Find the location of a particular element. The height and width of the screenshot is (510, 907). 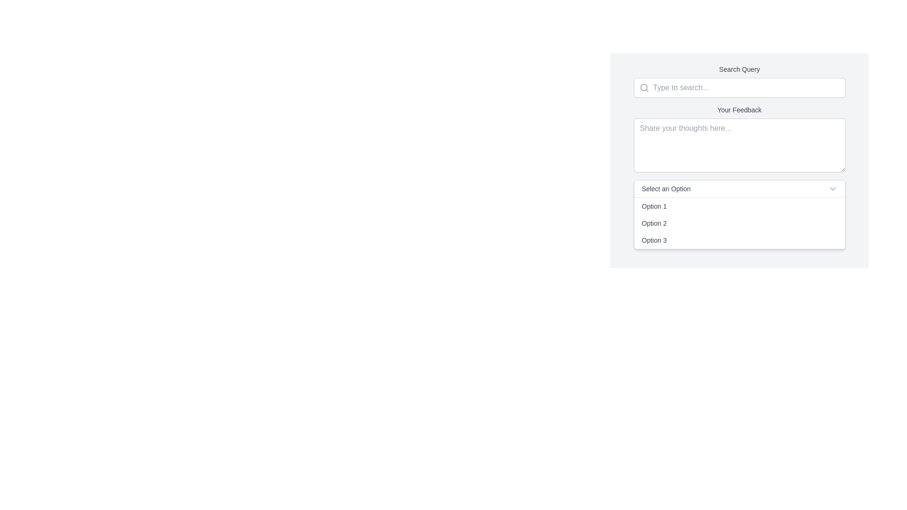

and drop text into the textarea located below the 'Your Feedback' label, which features a light gray border and a blue ring when focused is located at coordinates (739, 145).